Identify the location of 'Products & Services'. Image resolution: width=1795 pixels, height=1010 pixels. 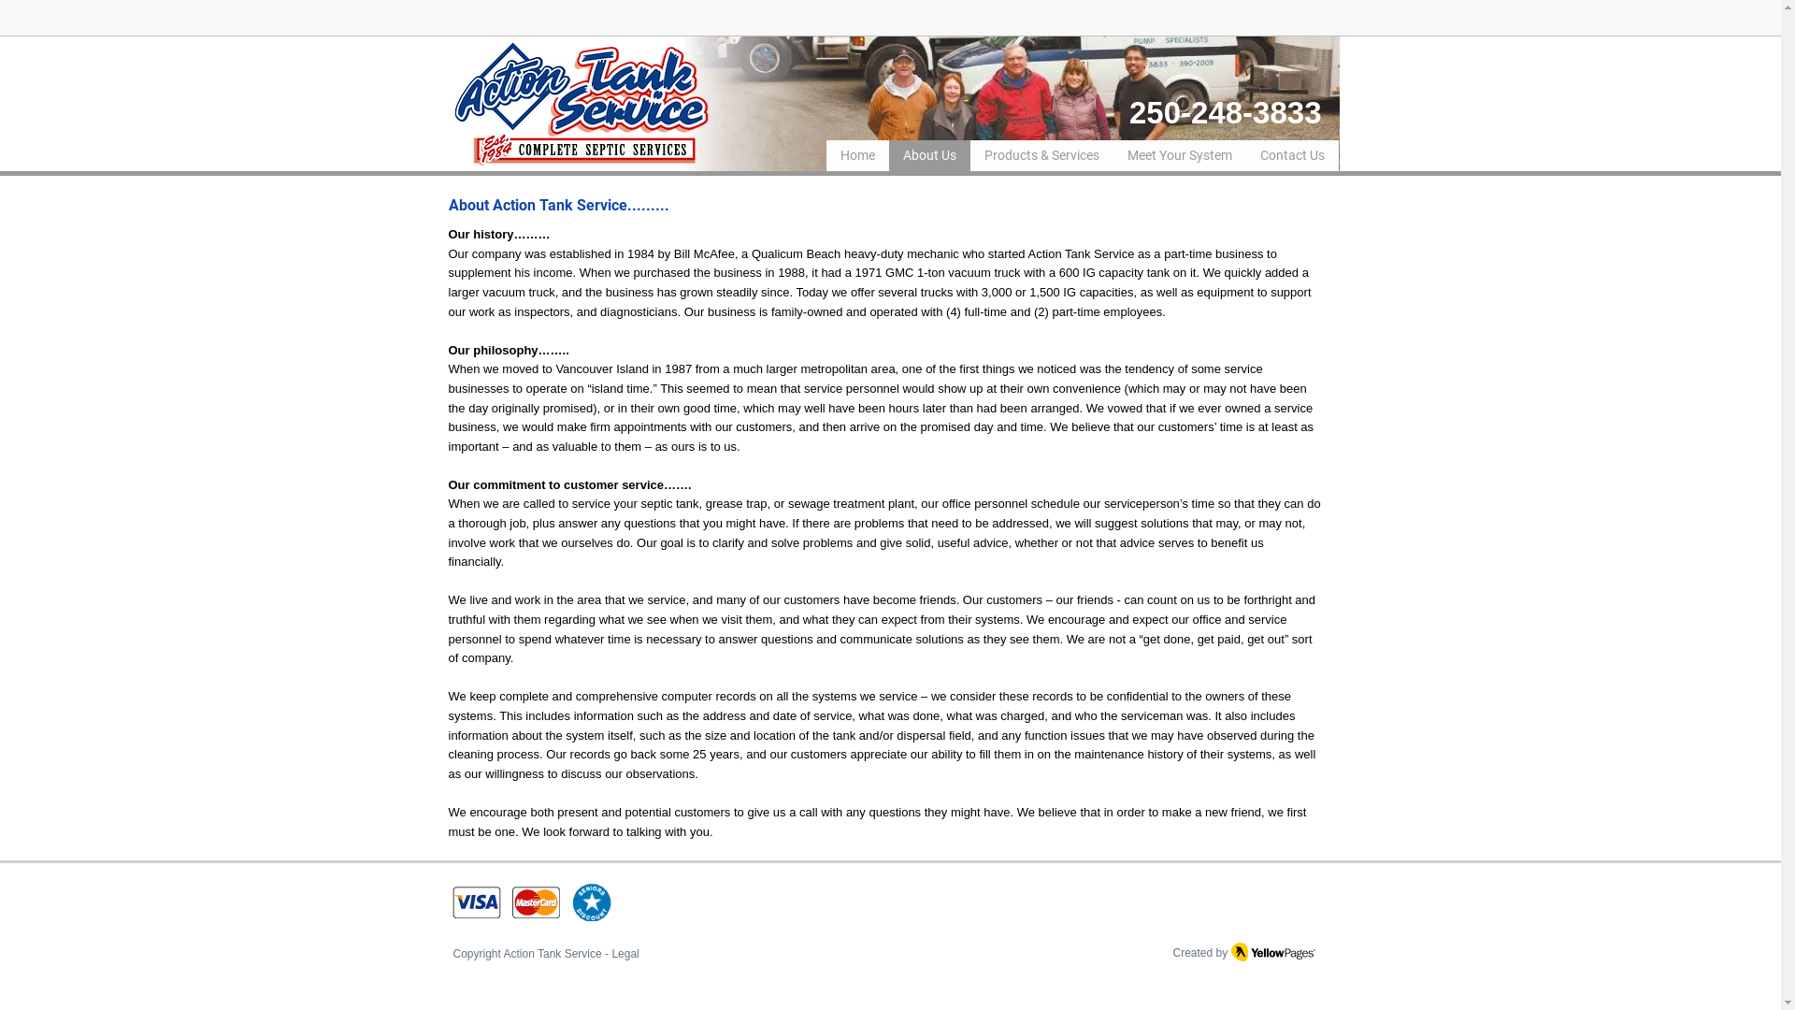
(1041, 154).